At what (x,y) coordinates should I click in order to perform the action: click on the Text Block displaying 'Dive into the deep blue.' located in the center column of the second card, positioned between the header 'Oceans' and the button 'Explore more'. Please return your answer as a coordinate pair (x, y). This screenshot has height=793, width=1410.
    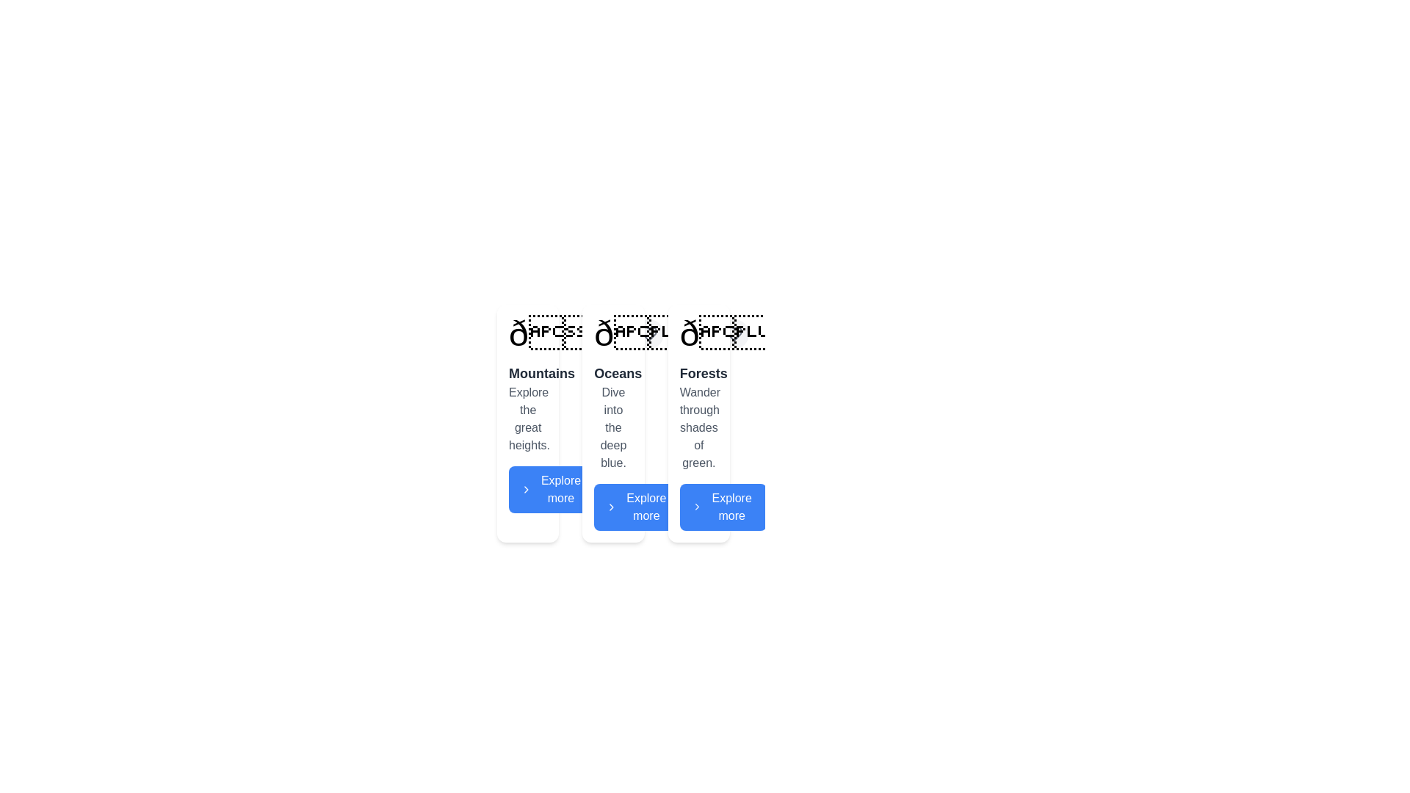
    Looking at the image, I should click on (613, 427).